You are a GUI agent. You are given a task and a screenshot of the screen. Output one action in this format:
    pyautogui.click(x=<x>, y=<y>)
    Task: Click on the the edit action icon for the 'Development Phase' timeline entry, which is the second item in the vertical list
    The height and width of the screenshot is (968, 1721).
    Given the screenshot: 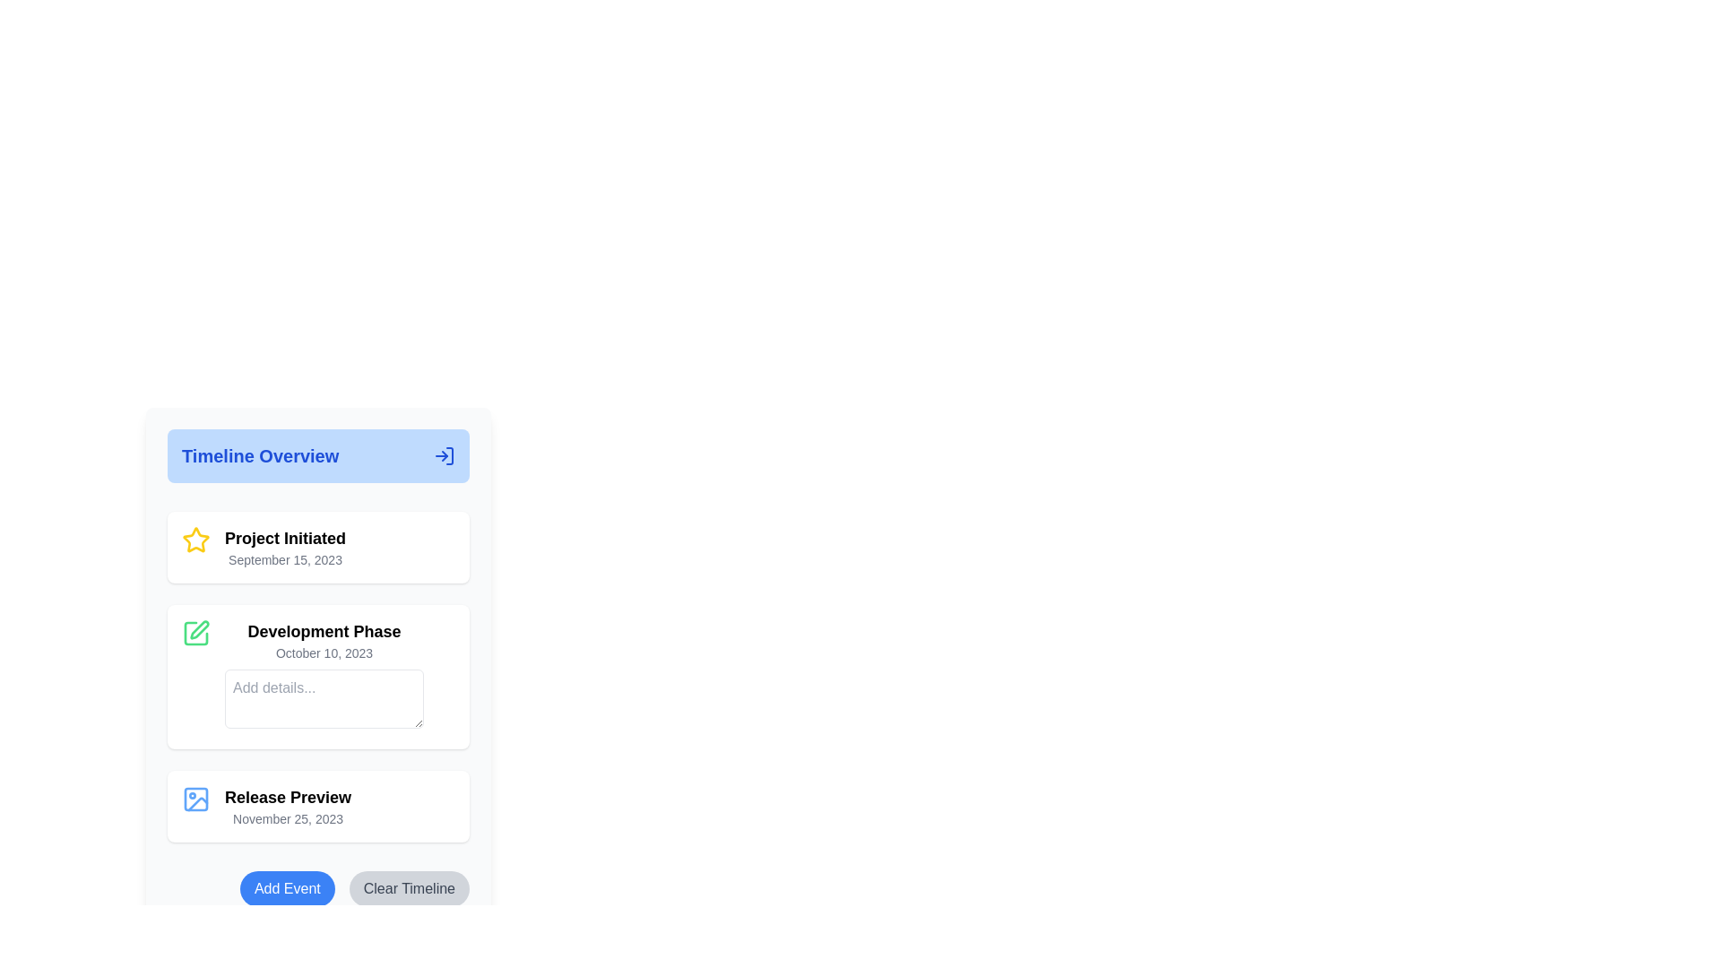 What is the action you would take?
    pyautogui.click(x=199, y=628)
    